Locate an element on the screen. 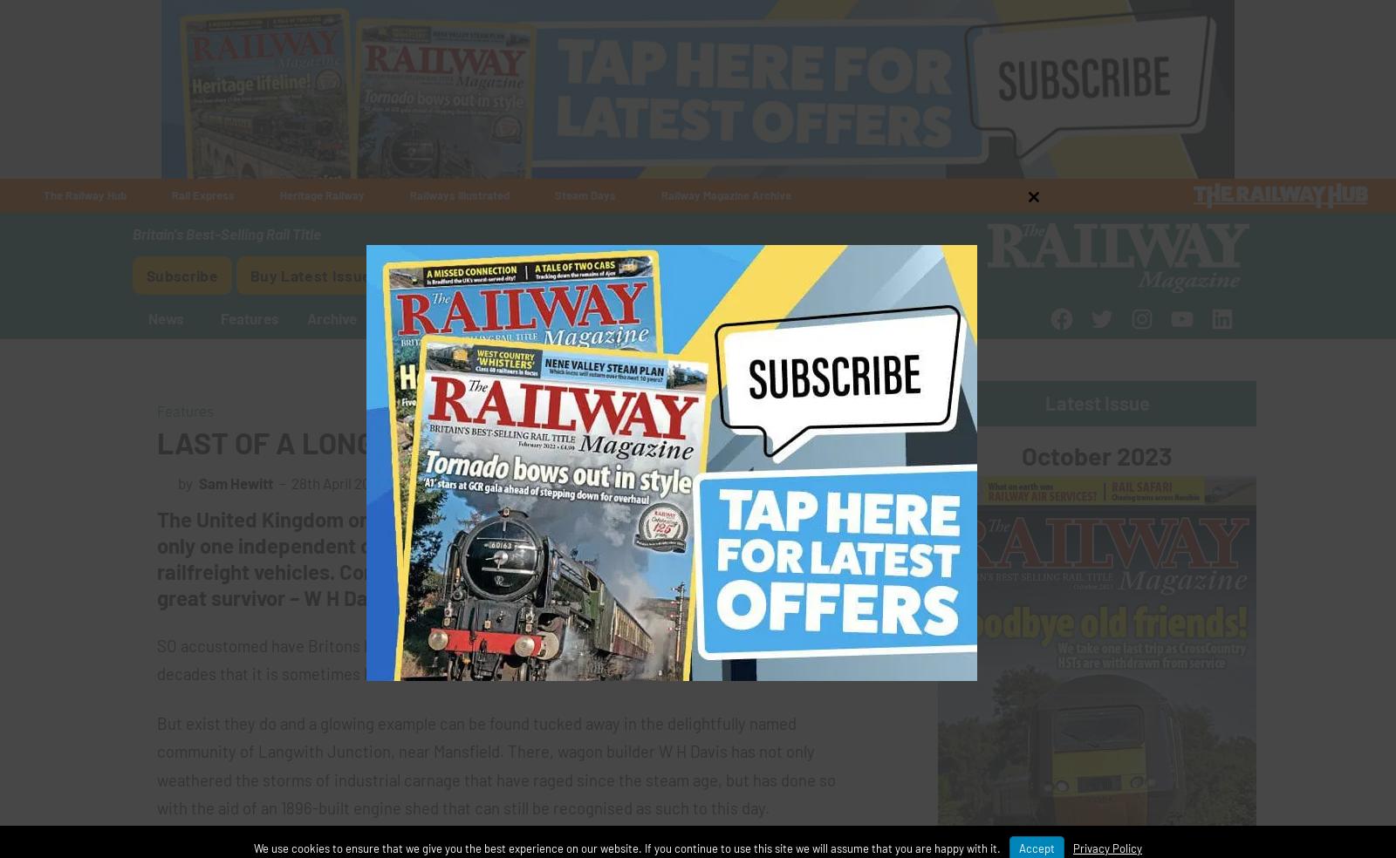 This screenshot has width=1396, height=858. 'Buy Latest Issue' is located at coordinates (311, 273).